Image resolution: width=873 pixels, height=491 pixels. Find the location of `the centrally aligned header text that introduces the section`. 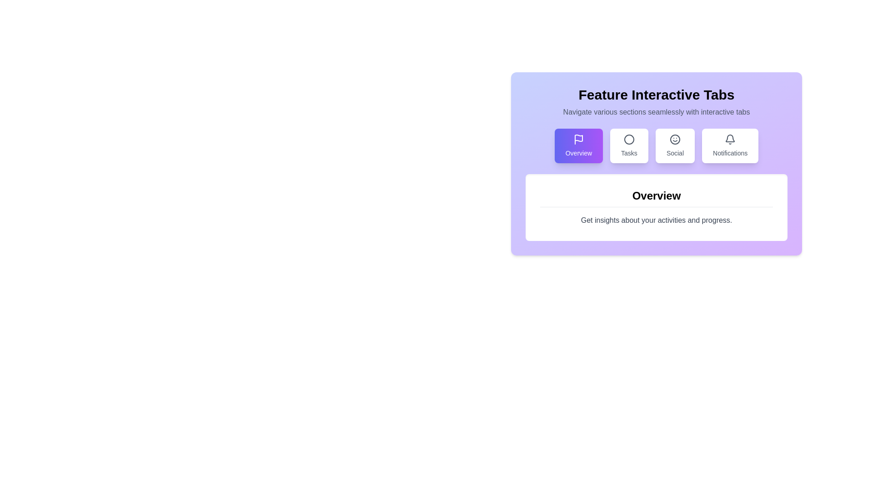

the centrally aligned header text that introduces the section is located at coordinates (657, 95).